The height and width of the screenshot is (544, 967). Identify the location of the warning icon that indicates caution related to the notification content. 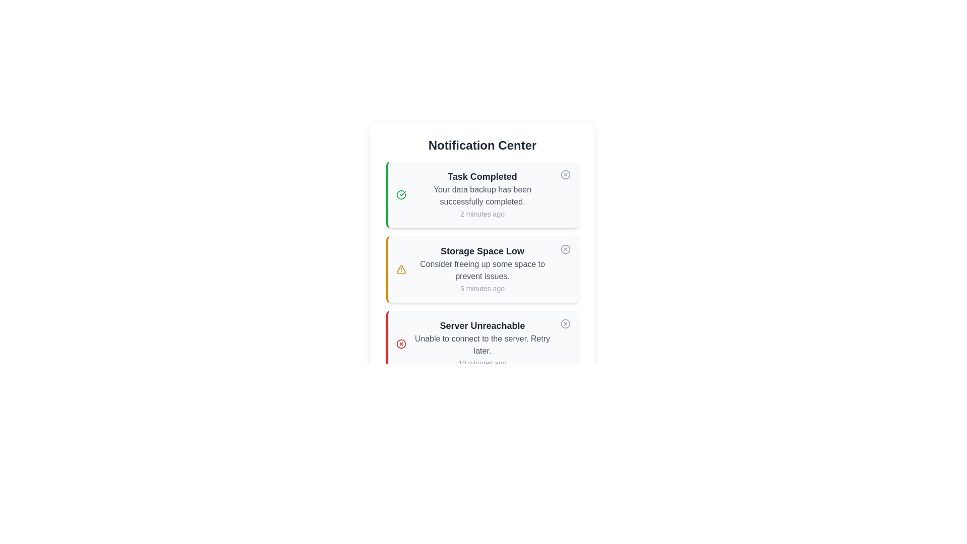
(400, 269).